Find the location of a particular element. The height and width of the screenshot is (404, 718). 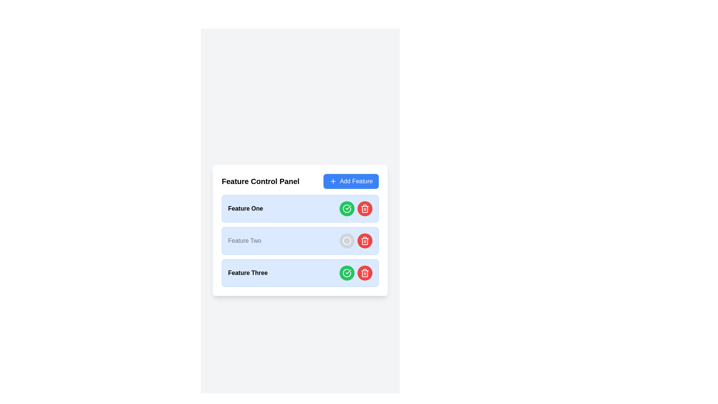

the circular green button with a white checkmark icon located on the right side of the 'Feature One' row for keyboard interaction is located at coordinates (346, 209).